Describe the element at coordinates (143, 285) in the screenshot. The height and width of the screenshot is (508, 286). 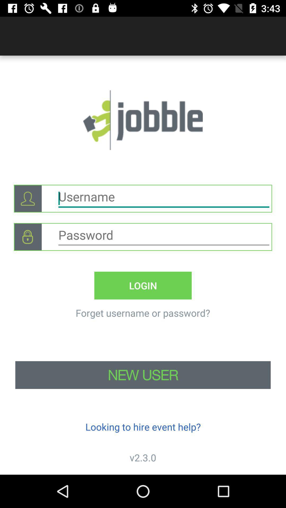
I see `the login item` at that location.